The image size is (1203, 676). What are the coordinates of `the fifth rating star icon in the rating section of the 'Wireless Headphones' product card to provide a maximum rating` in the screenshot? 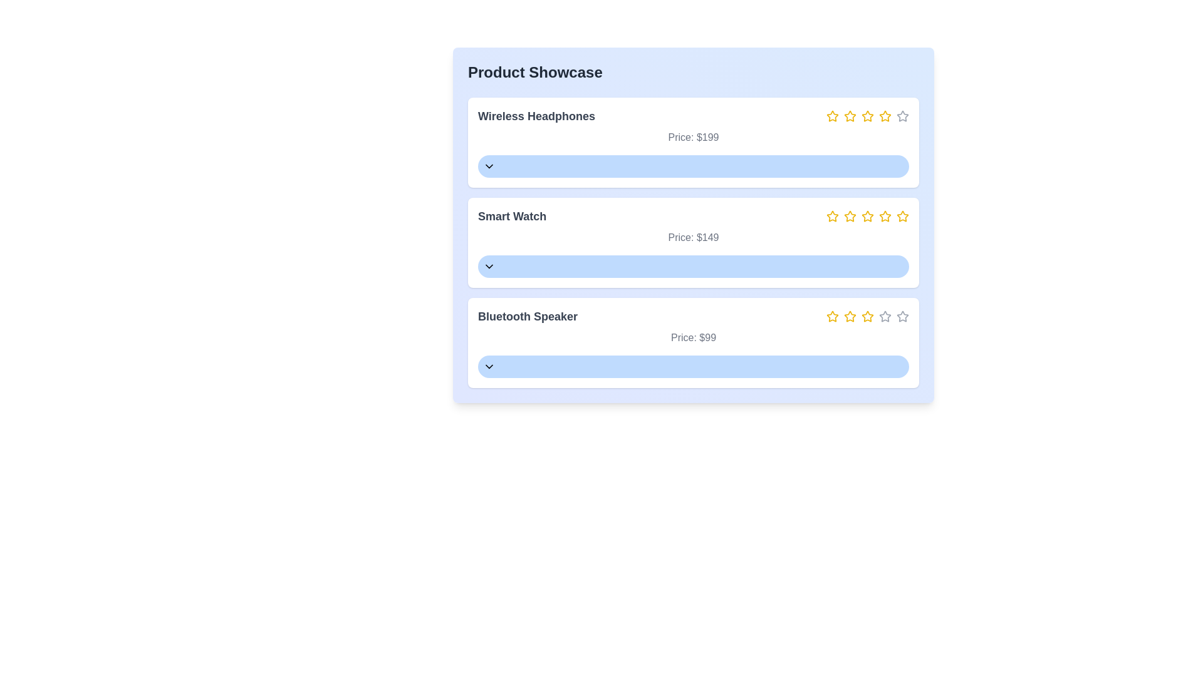 It's located at (902, 116).